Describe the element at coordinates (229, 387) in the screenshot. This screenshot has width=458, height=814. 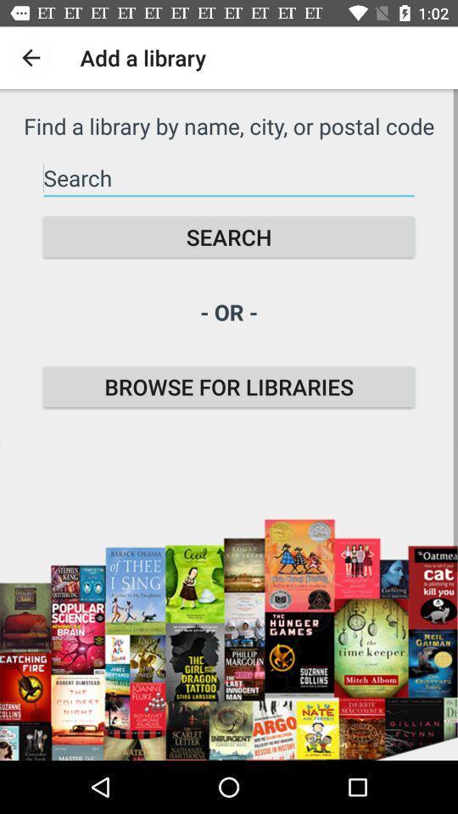
I see `icon below the - or - icon` at that location.